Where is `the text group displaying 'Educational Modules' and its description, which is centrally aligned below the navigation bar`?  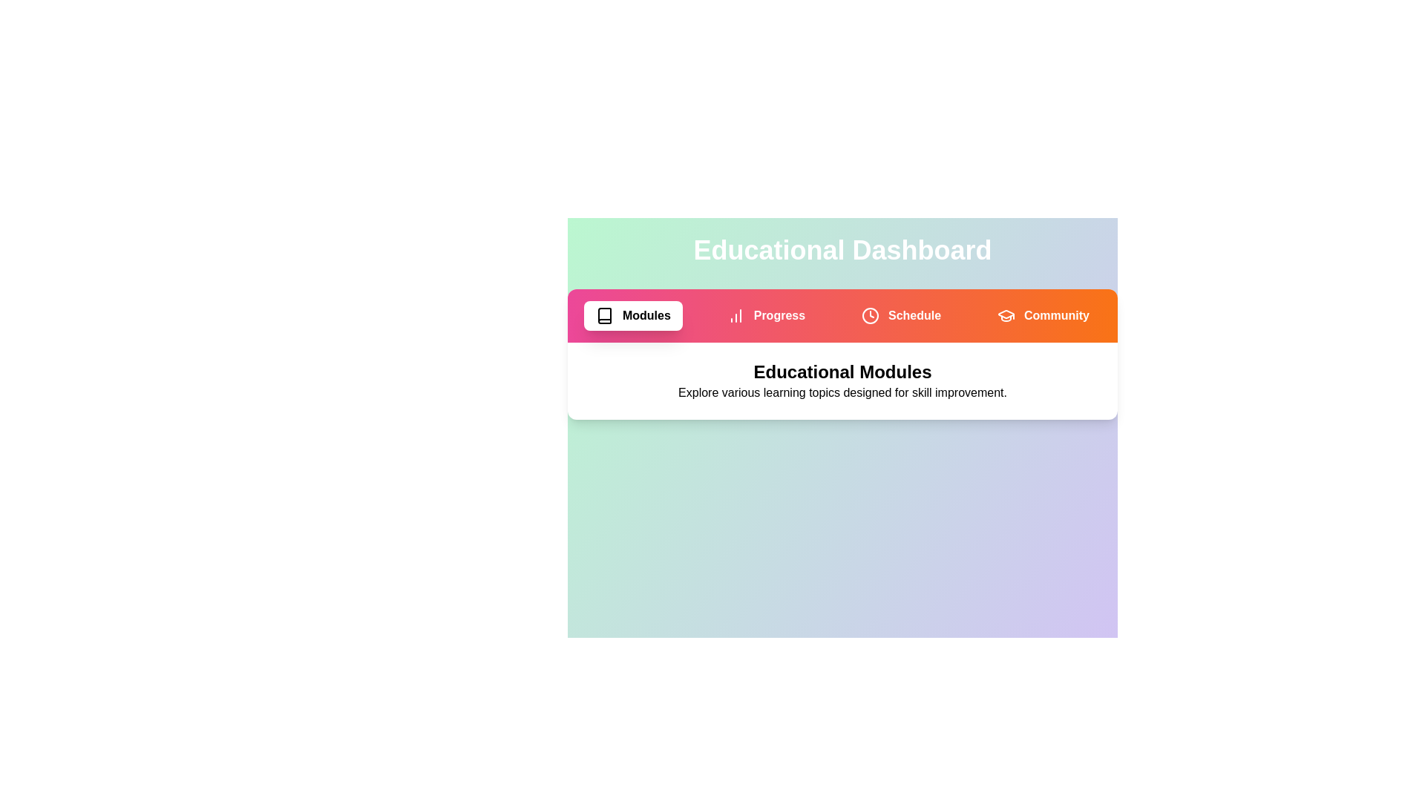 the text group displaying 'Educational Modules' and its description, which is centrally aligned below the navigation bar is located at coordinates (842, 380).